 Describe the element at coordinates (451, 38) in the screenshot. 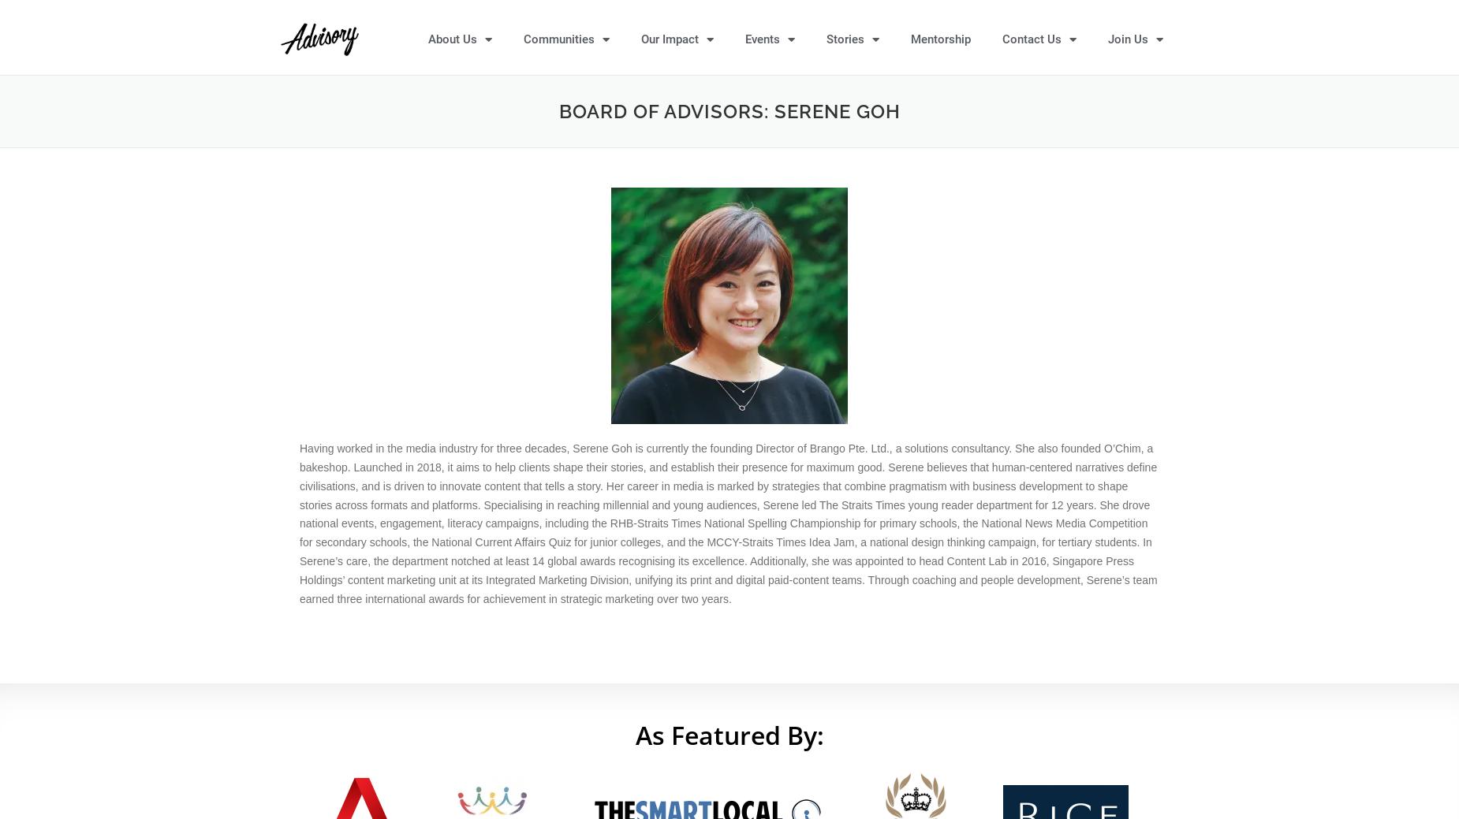

I see `'About Us'` at that location.